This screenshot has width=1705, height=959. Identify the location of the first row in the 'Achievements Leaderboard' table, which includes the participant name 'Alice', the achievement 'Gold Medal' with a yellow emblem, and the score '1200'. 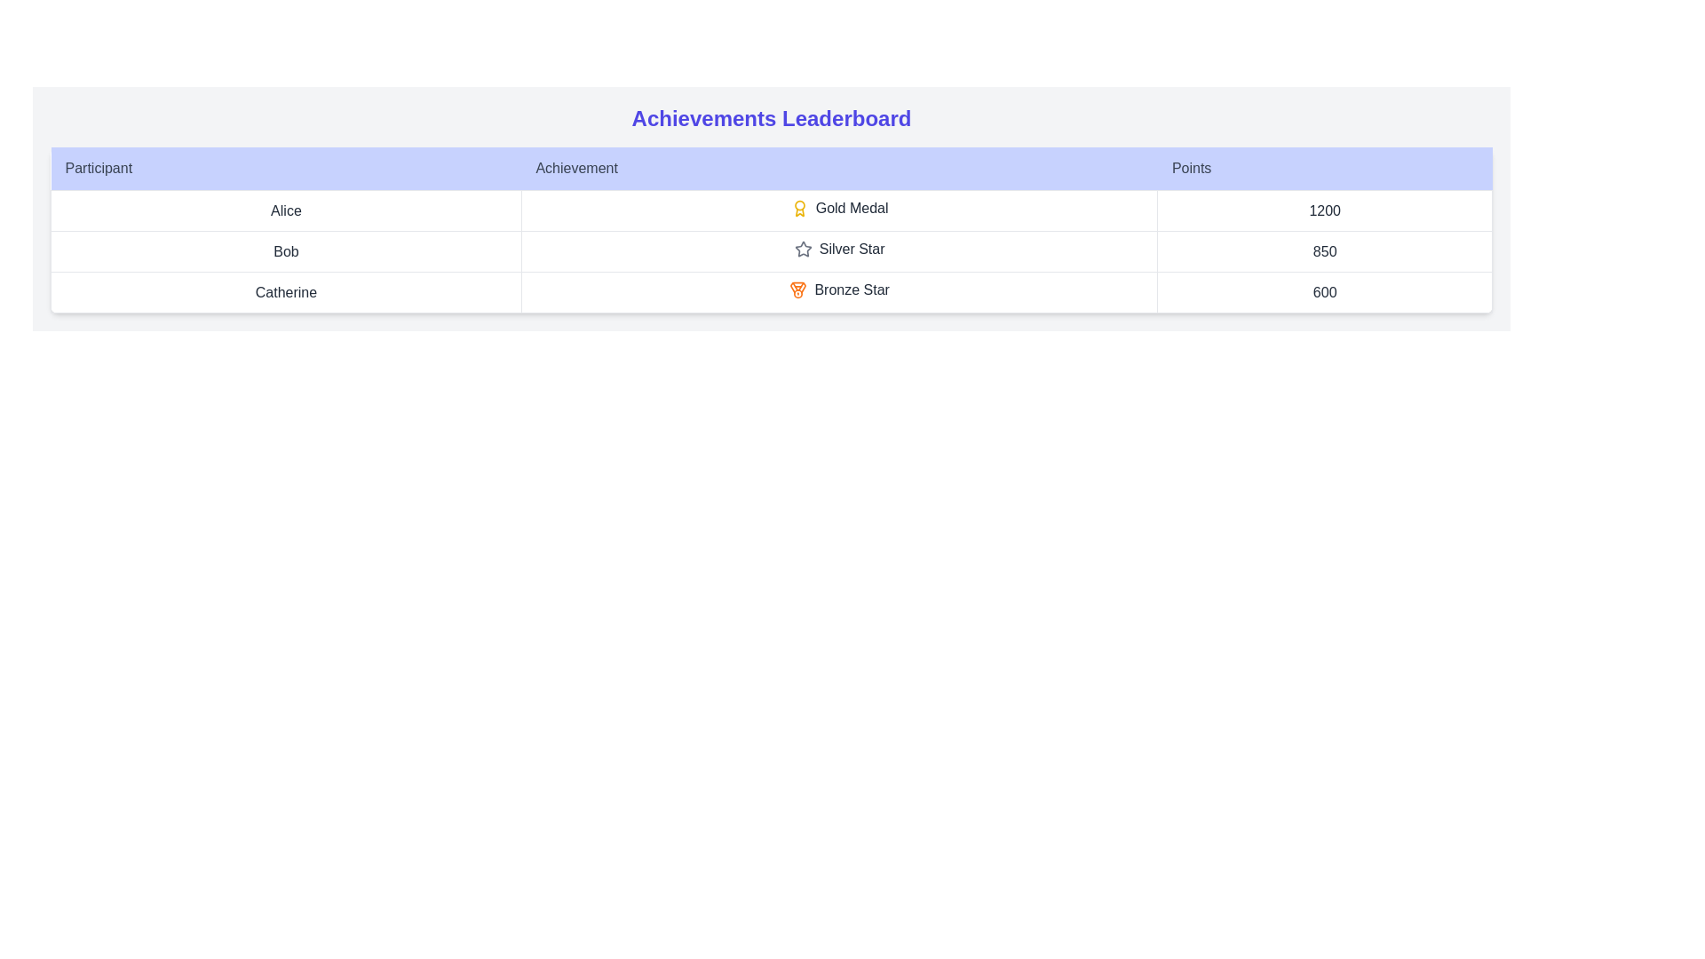
(771, 210).